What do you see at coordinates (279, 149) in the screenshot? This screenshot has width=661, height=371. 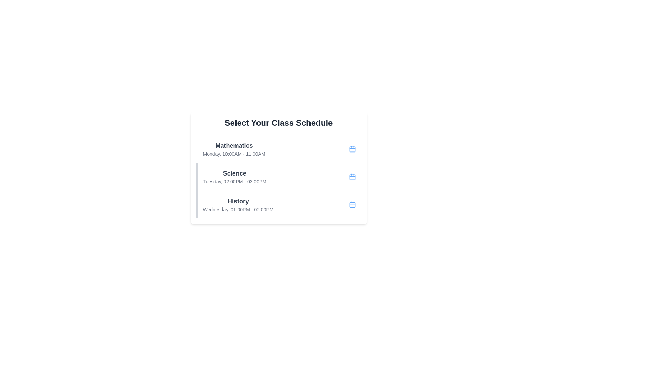 I see `the first list item titled 'Mathematics'` at bounding box center [279, 149].